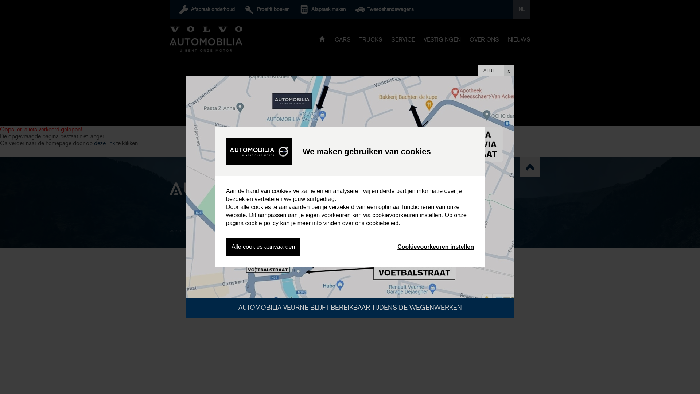 This screenshot has height=394, width=700. Describe the element at coordinates (442, 41) in the screenshot. I see `'VESTIGINGEN'` at that location.